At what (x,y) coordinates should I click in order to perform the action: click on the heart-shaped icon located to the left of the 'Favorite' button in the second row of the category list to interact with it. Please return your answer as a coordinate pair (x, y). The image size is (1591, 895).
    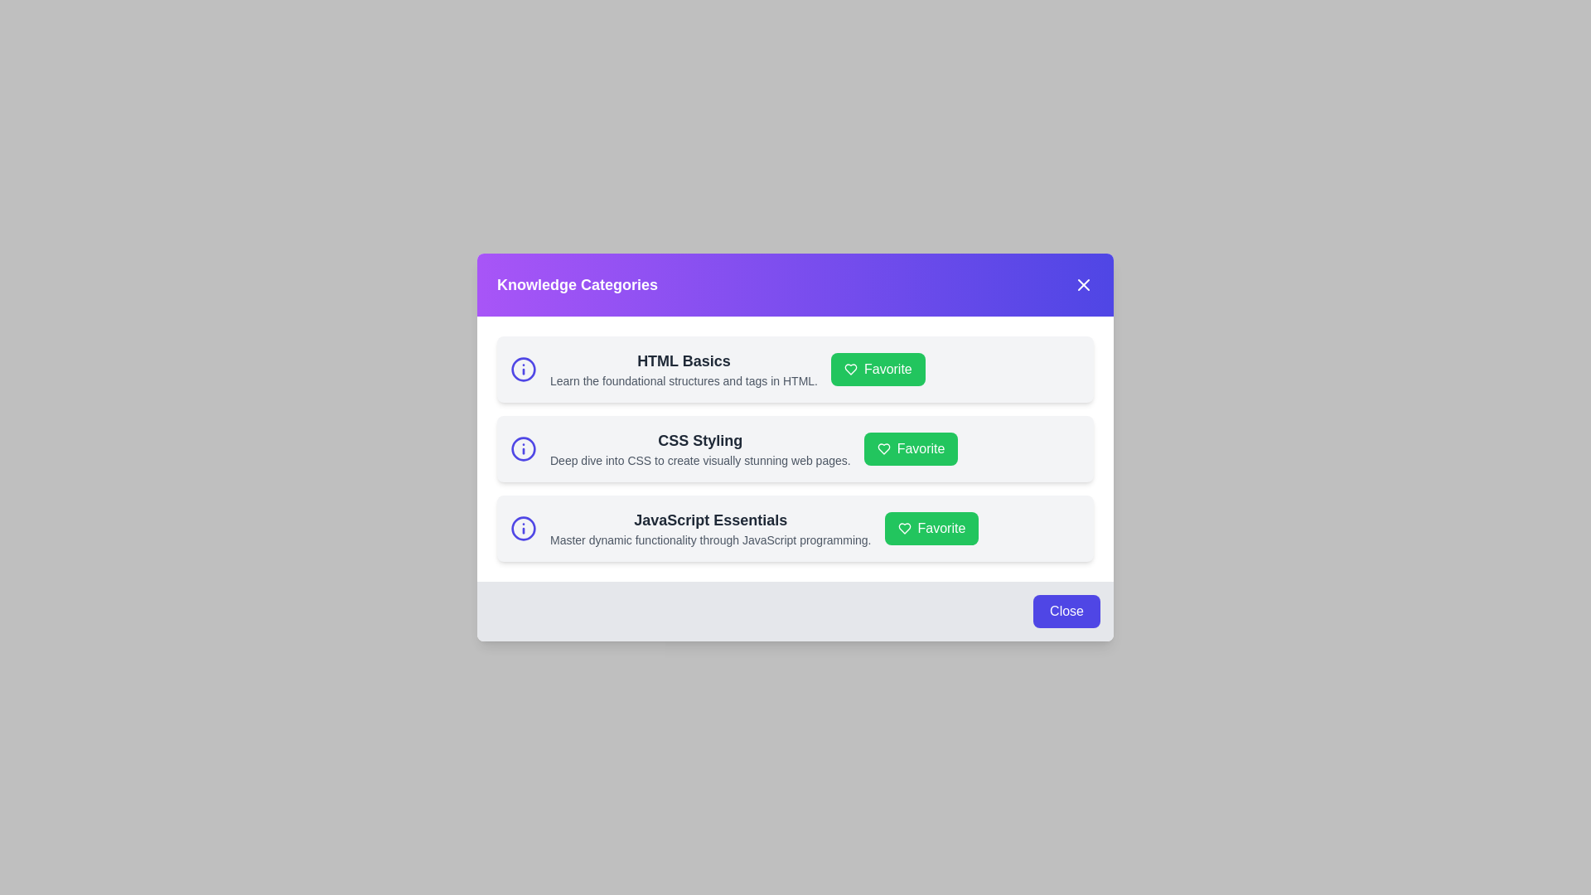
    Looking at the image, I should click on (883, 449).